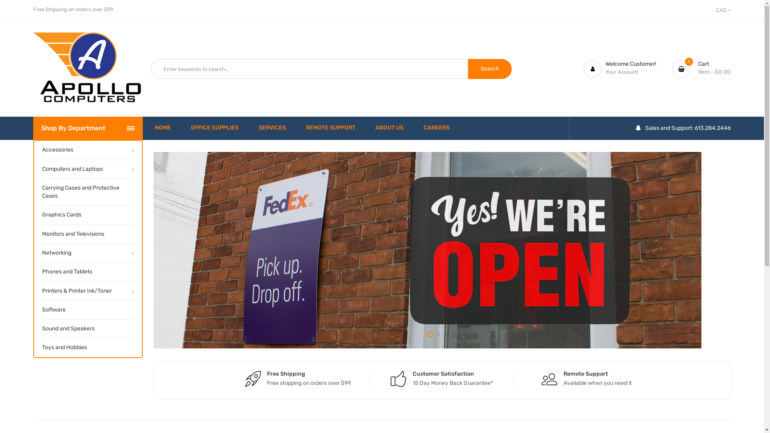 The height and width of the screenshot is (433, 770). What do you see at coordinates (87, 347) in the screenshot?
I see `'Toys and Hobbies'` at bounding box center [87, 347].